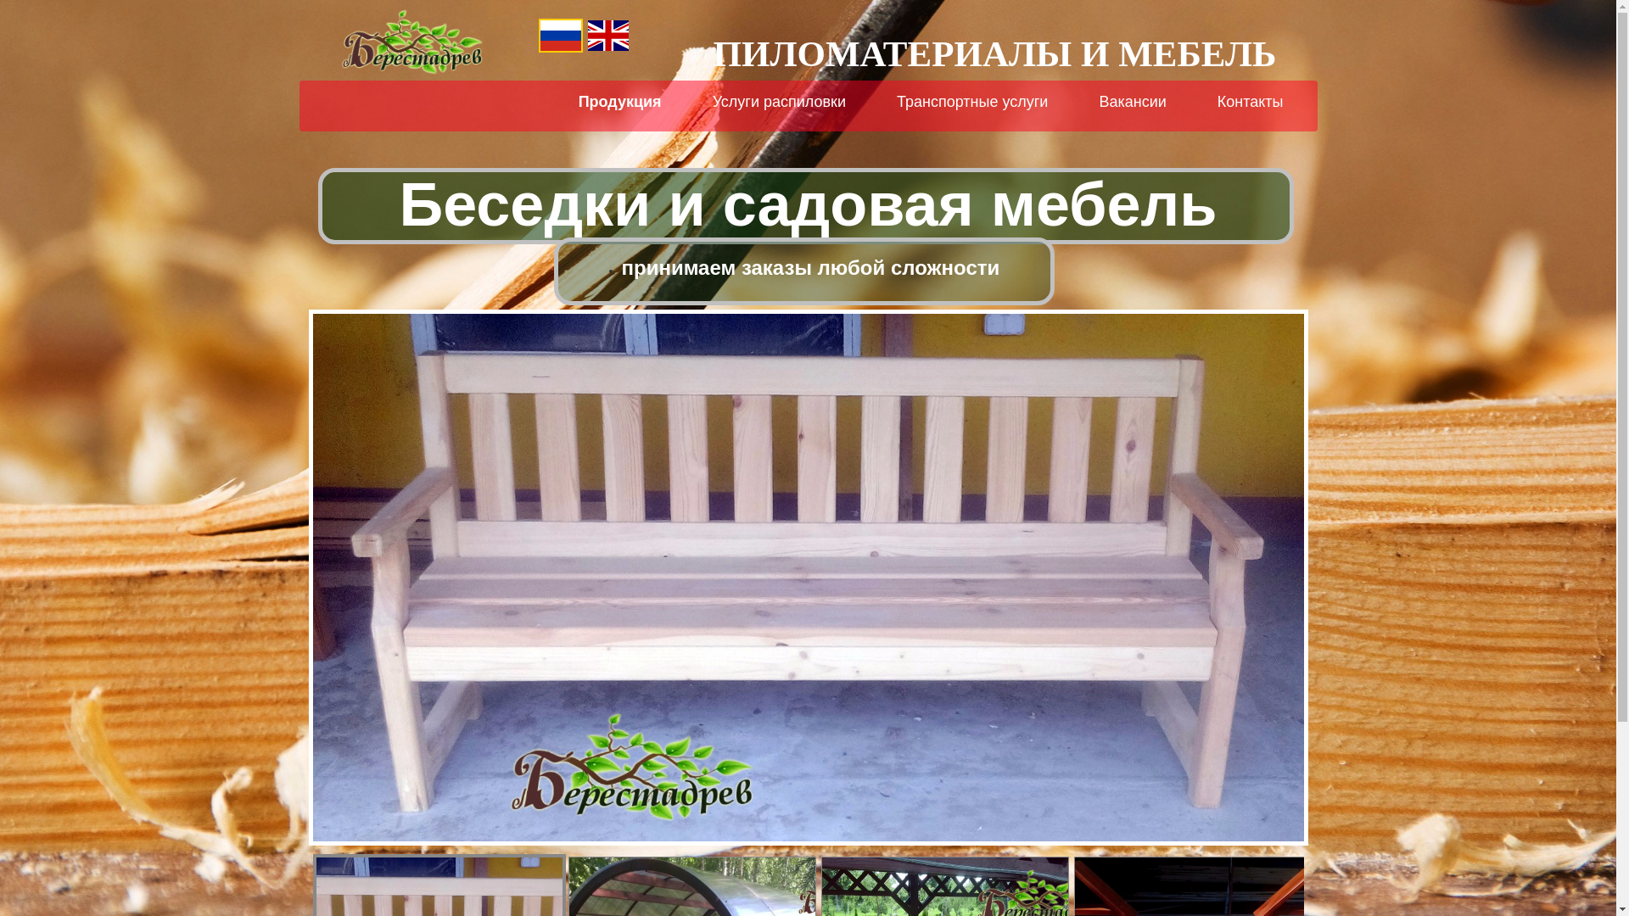  Describe the element at coordinates (607, 36) in the screenshot. I see `'English'` at that location.